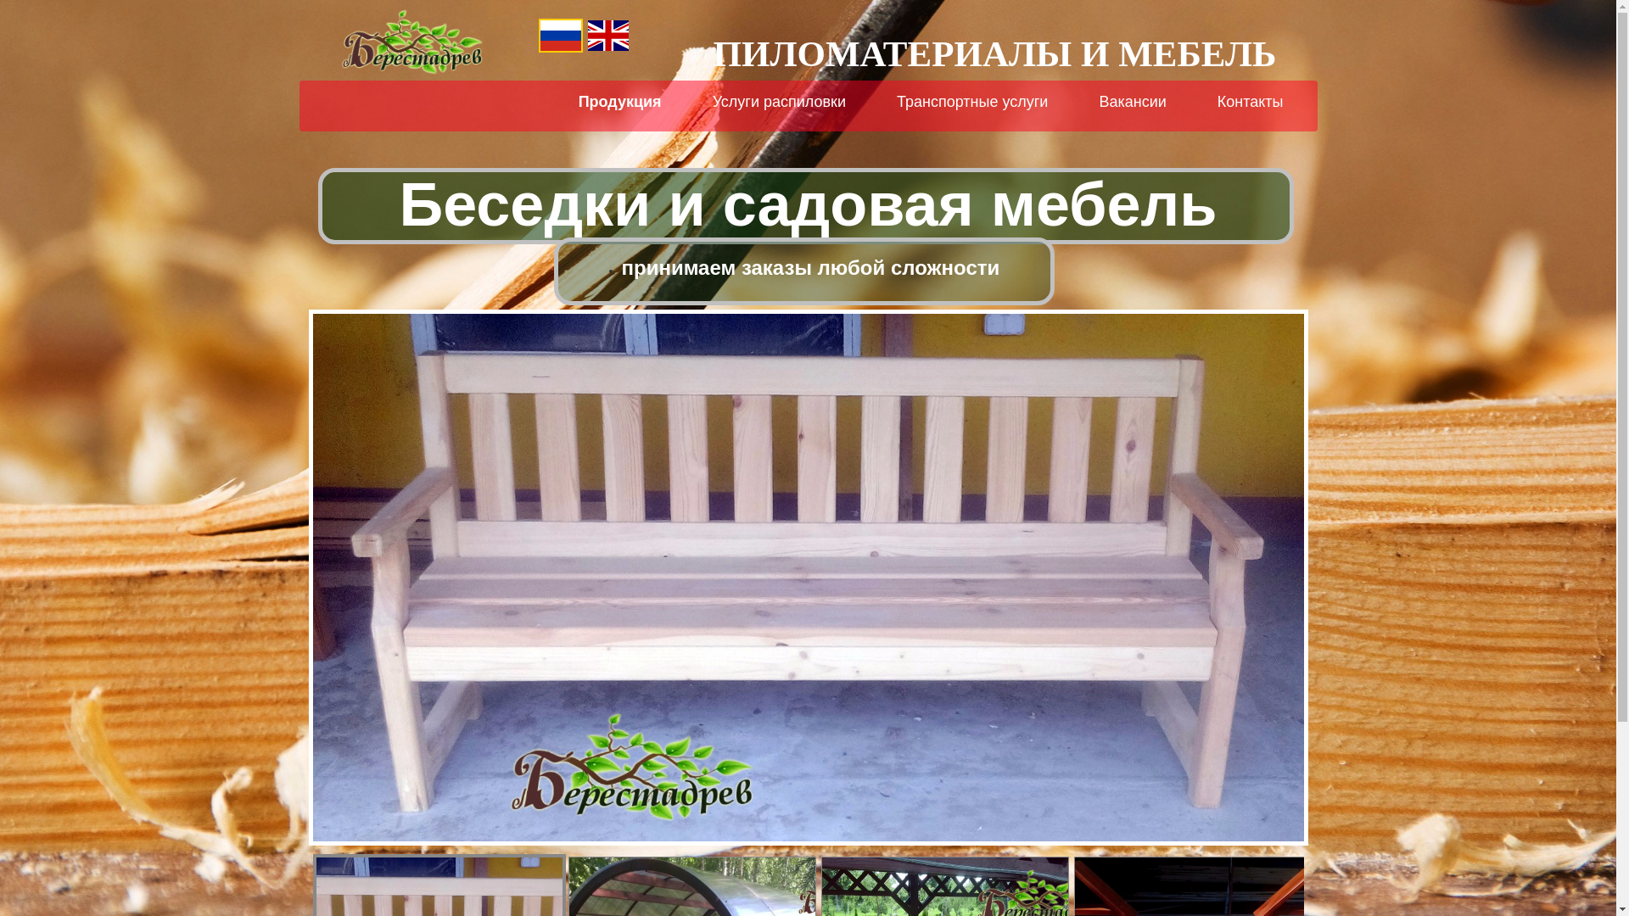  Describe the element at coordinates (607, 36) in the screenshot. I see `'English'` at that location.